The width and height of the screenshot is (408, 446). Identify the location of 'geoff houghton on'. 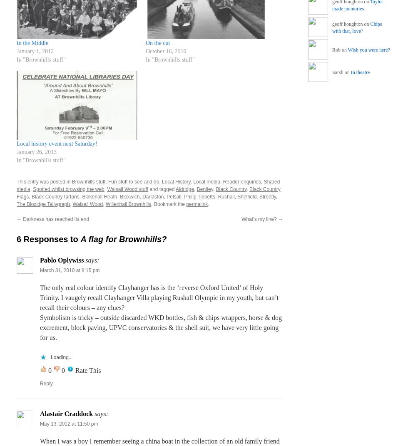
(351, 23).